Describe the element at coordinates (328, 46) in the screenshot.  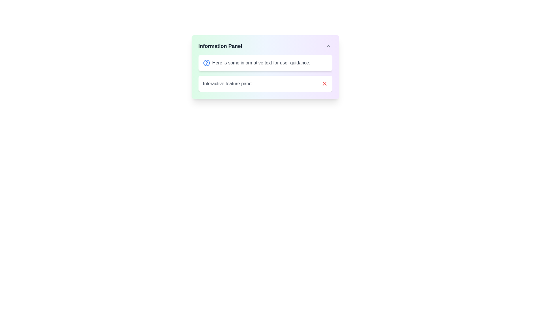
I see `the interactive Button located in the top-right corner of the 'Information Panel'` at that location.